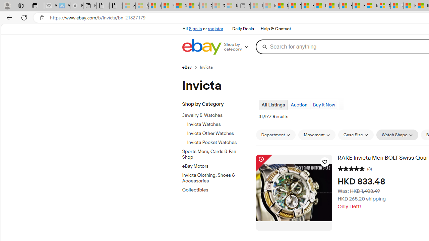  I want to click on 'Invicta Pocket Watches', so click(219, 142).